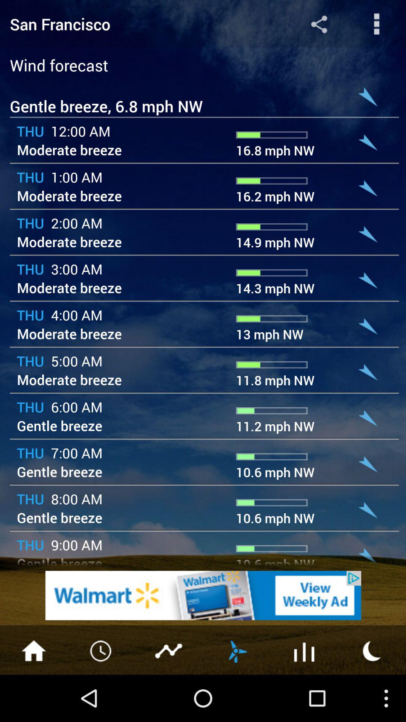 The height and width of the screenshot is (722, 406). Describe the element at coordinates (319, 24) in the screenshot. I see `ssare button` at that location.